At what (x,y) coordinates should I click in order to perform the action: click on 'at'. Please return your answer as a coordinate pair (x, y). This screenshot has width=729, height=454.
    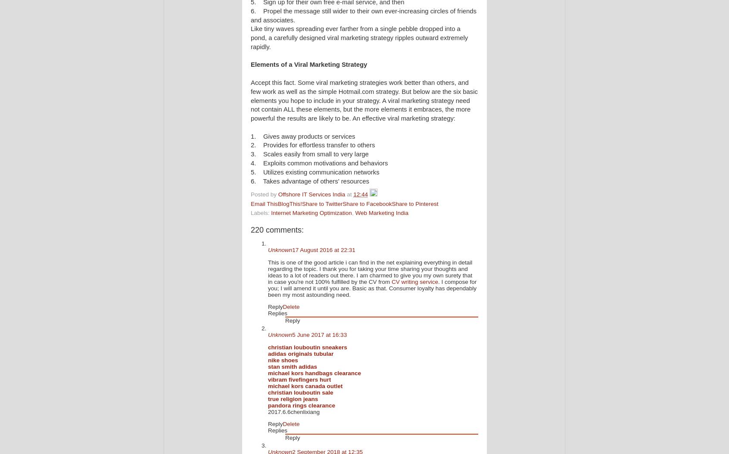
    Looking at the image, I should click on (350, 194).